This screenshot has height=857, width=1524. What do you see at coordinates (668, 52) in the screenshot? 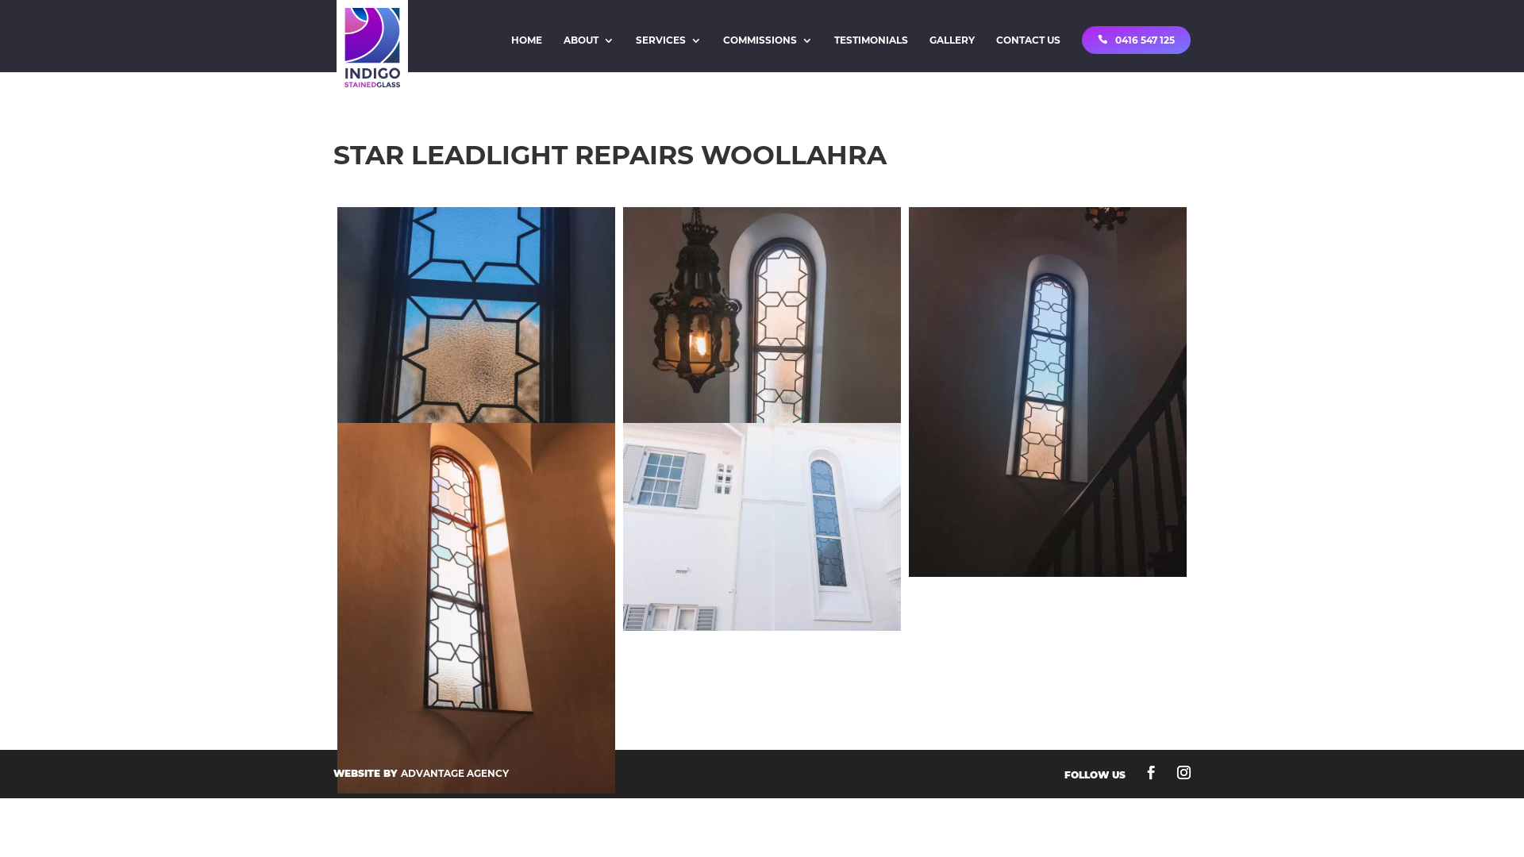
I see `'SERVICES'` at bounding box center [668, 52].